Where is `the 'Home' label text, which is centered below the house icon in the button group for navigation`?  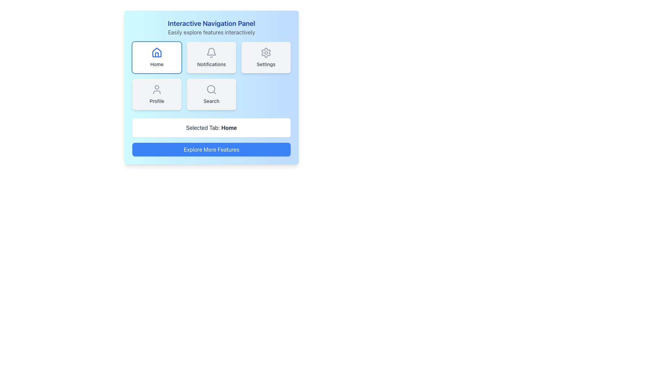 the 'Home' label text, which is centered below the house icon in the button group for navigation is located at coordinates (157, 64).